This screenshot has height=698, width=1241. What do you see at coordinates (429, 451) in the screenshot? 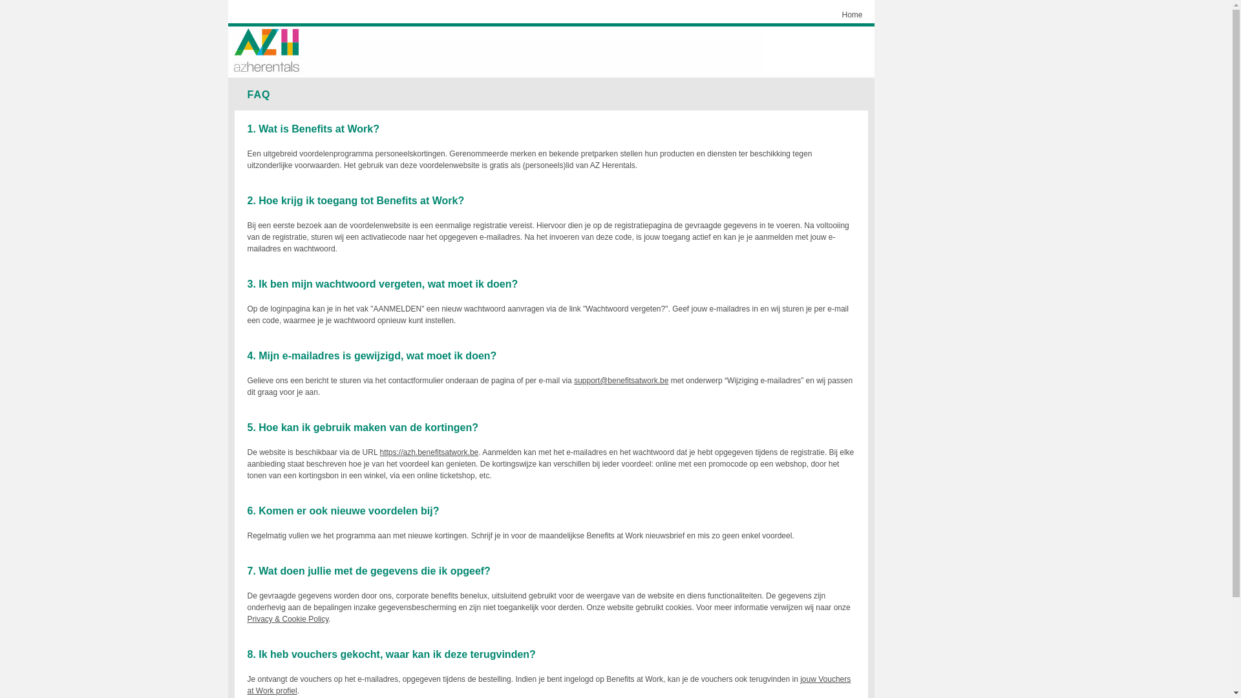
I see `'https://azh.benefitsatwork.be'` at bounding box center [429, 451].